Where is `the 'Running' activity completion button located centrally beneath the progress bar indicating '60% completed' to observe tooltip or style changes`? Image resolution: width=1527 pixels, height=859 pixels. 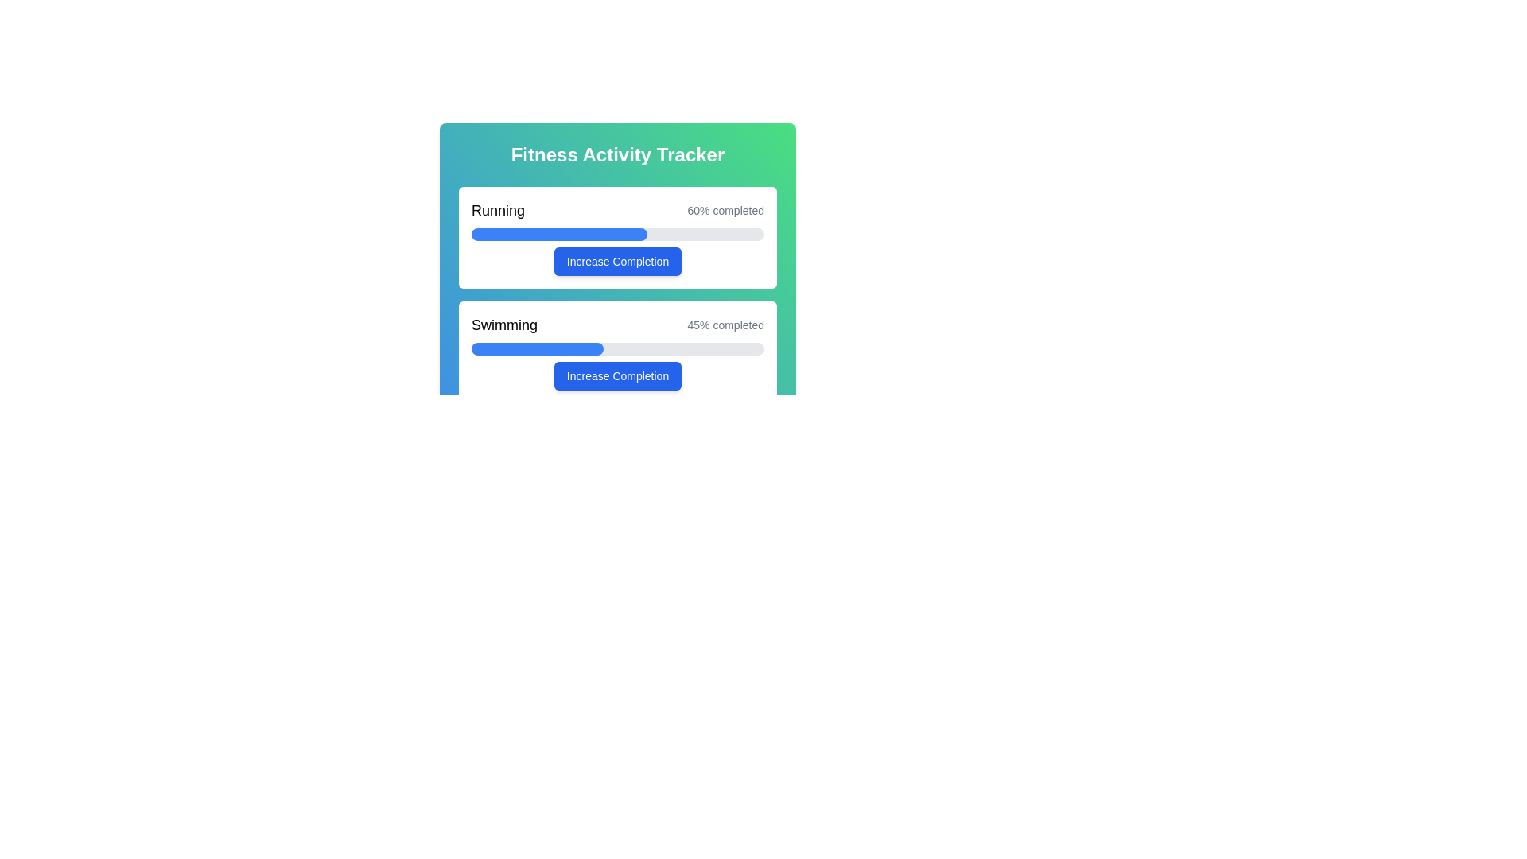
the 'Running' activity completion button located centrally beneath the progress bar indicating '60% completed' to observe tooltip or style changes is located at coordinates (617, 260).